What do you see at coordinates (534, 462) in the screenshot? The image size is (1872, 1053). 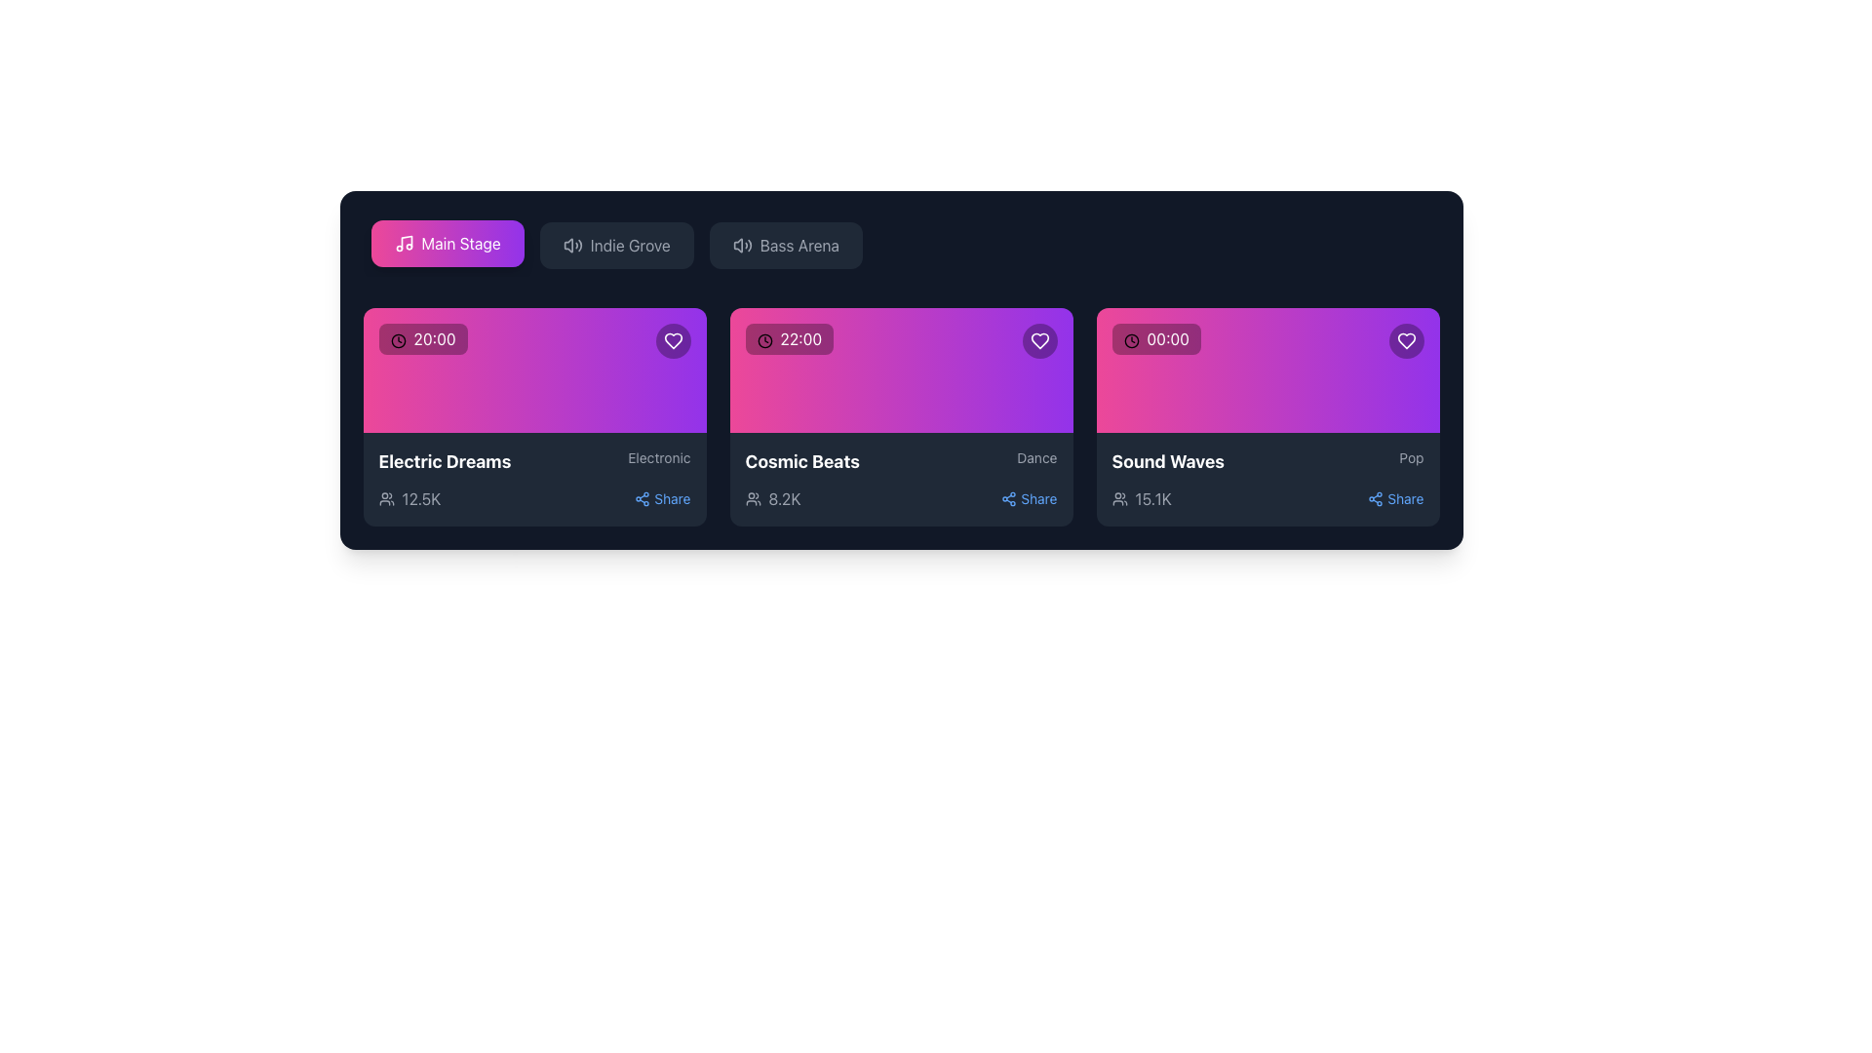 I see `the text block containing 'Electric Dreams' and 'Electronic' as part of the card's information located in the first card of a horizontally arranged set` at bounding box center [534, 462].